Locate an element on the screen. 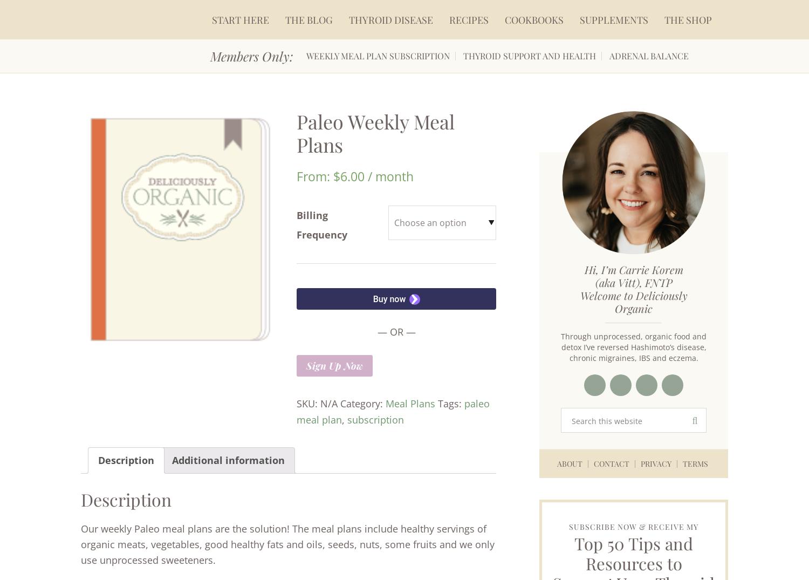 Image resolution: width=809 pixels, height=580 pixels. 'The Blog' is located at coordinates (308, 19).